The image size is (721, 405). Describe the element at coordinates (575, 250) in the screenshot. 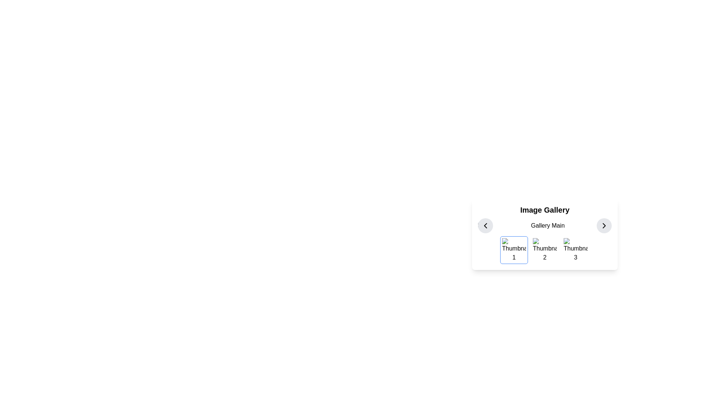

I see `the third thumbnail in the 'Image Gallery'` at that location.